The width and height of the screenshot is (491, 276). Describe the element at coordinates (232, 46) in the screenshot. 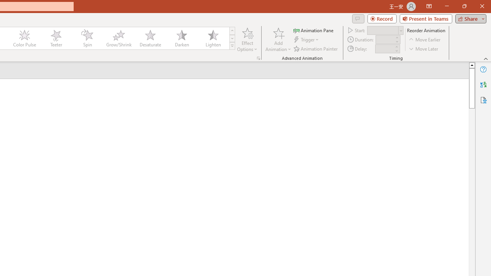

I see `'Animation Styles'` at that location.